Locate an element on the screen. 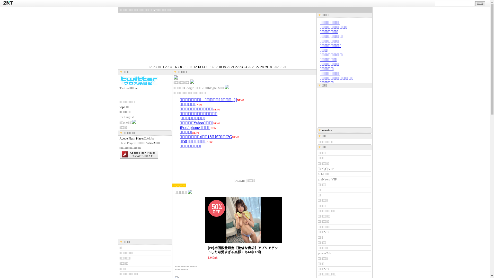 This screenshot has height=278, width=494. 'HOME' is located at coordinates (240, 180).